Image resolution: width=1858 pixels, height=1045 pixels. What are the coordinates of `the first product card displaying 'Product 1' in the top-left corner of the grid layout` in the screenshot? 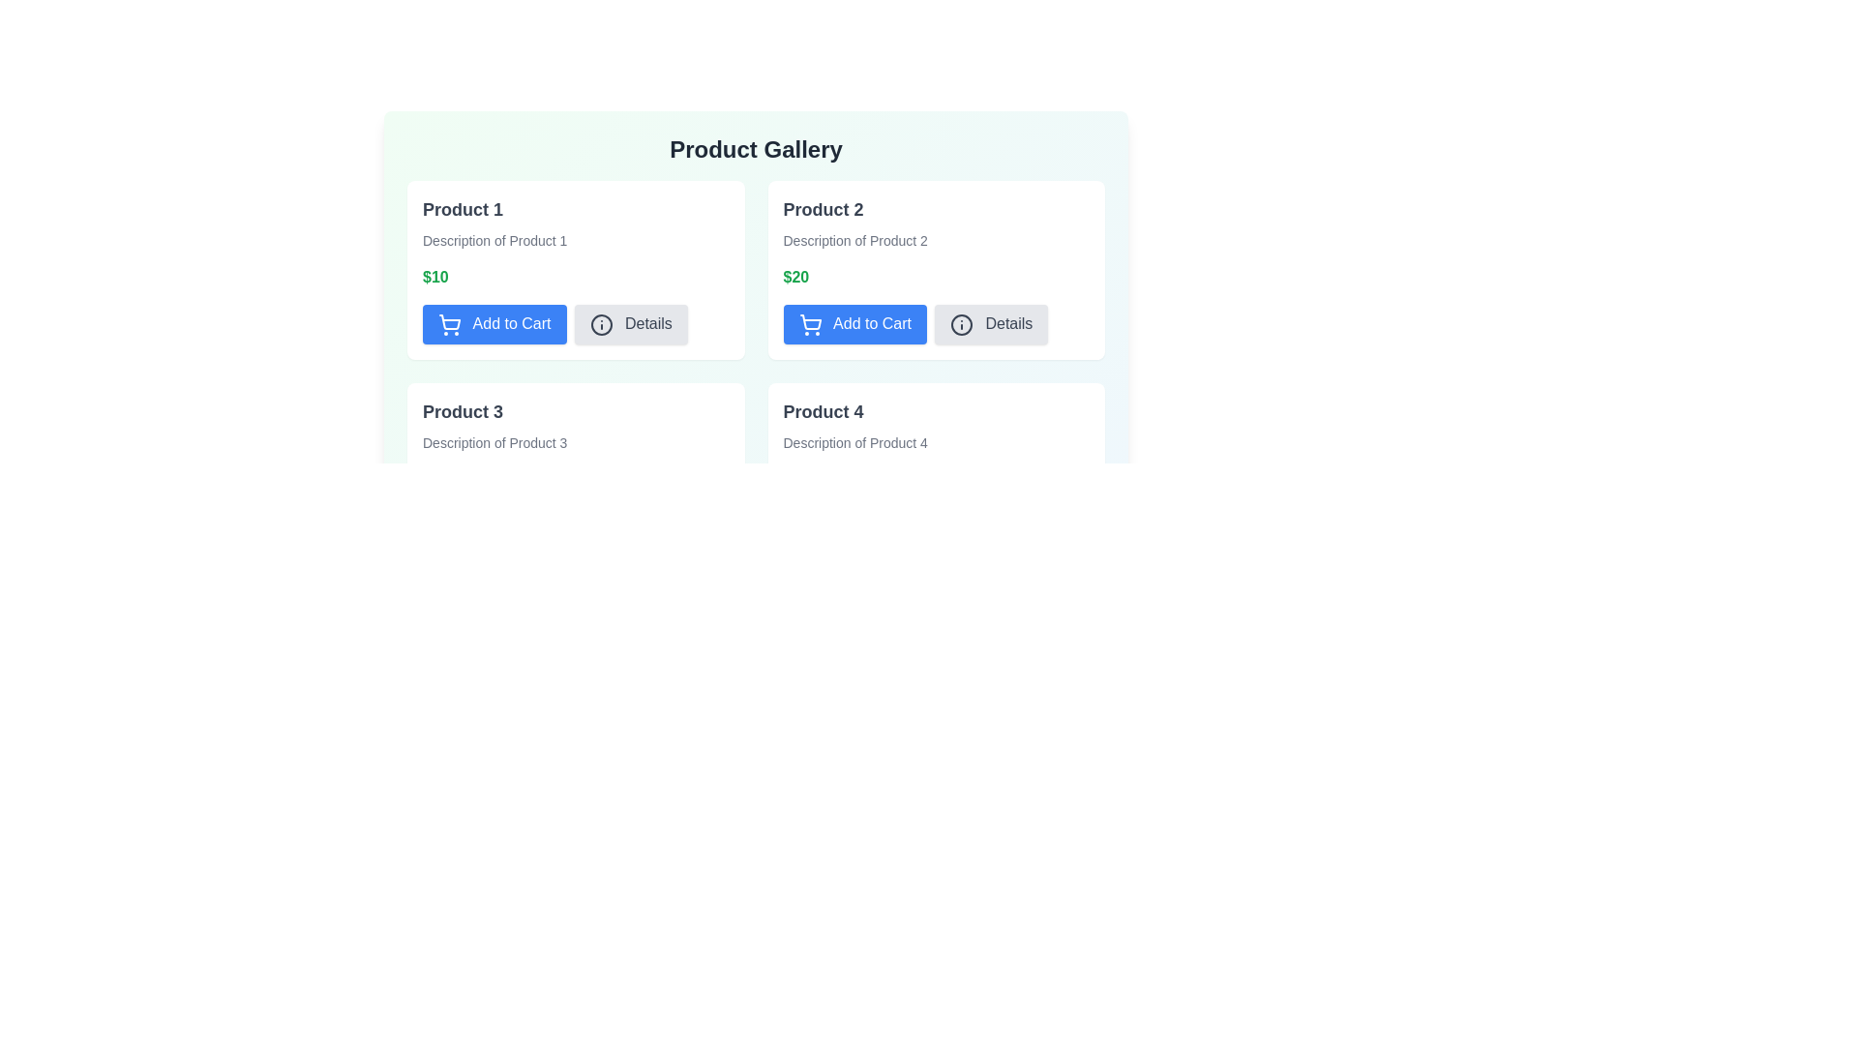 It's located at (575, 270).